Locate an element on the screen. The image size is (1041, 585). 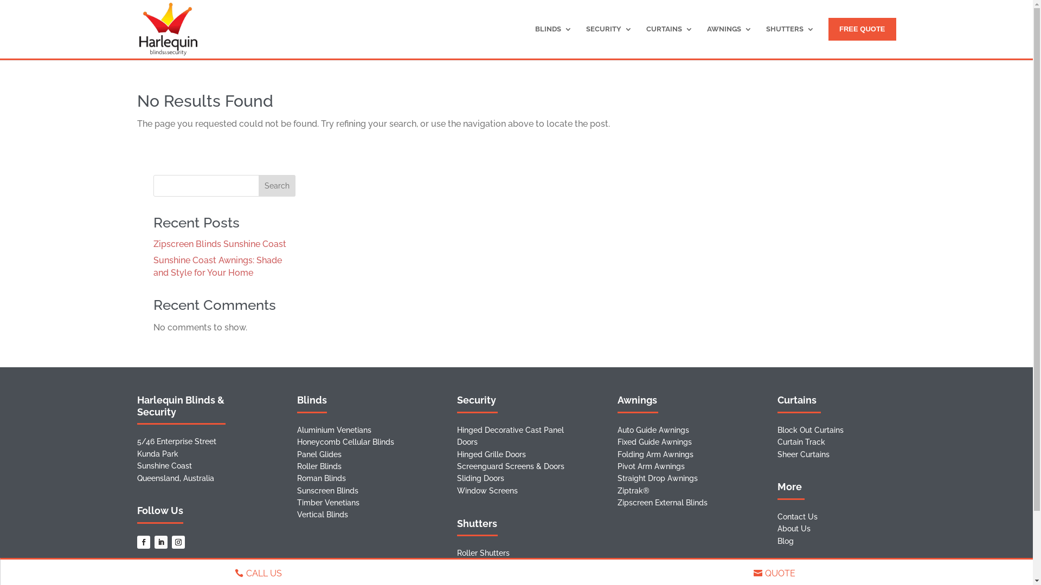
'Screenguard Screens & Doors' is located at coordinates (510, 465).